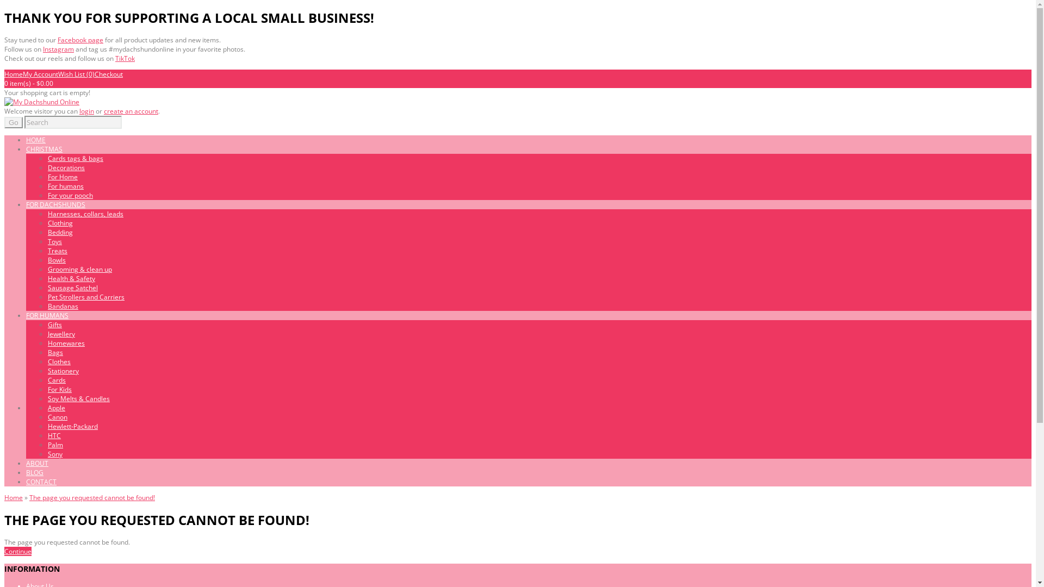 The height and width of the screenshot is (587, 1044). What do you see at coordinates (72, 426) in the screenshot?
I see `'Hewlett-Packard'` at bounding box center [72, 426].